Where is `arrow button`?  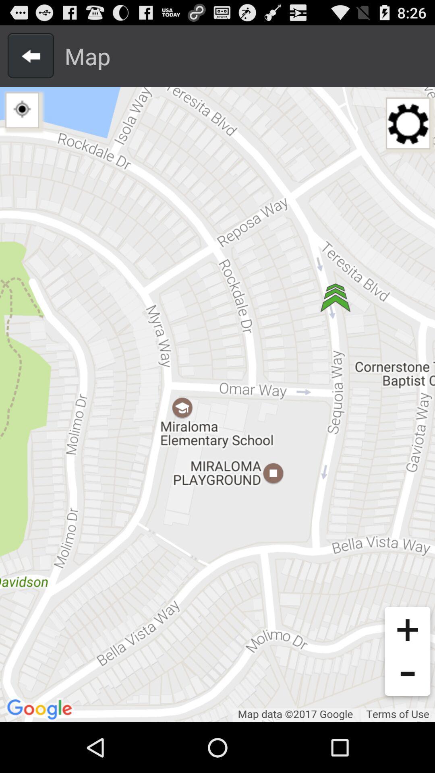
arrow button is located at coordinates (30, 56).